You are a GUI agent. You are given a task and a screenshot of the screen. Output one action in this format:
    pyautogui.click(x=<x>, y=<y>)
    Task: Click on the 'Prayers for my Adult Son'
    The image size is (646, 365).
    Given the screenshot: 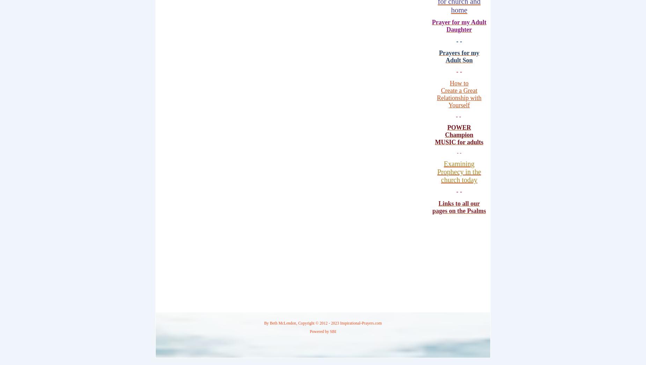 What is the action you would take?
    pyautogui.click(x=439, y=56)
    